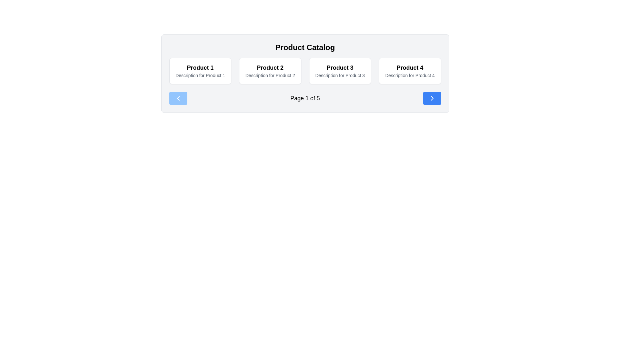  Describe the element at coordinates (178, 98) in the screenshot. I see `the backward navigation button located on the left side, near the center of the 'Page 1 of 5' label` at that location.